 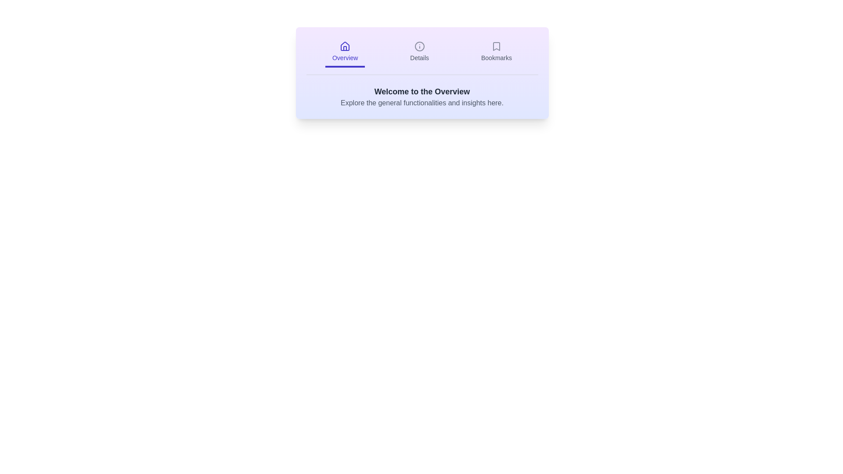 What do you see at coordinates (419, 52) in the screenshot?
I see `the 'Details' button, which is the middle button in a group of three, styled in gray with an information icon above the text` at bounding box center [419, 52].